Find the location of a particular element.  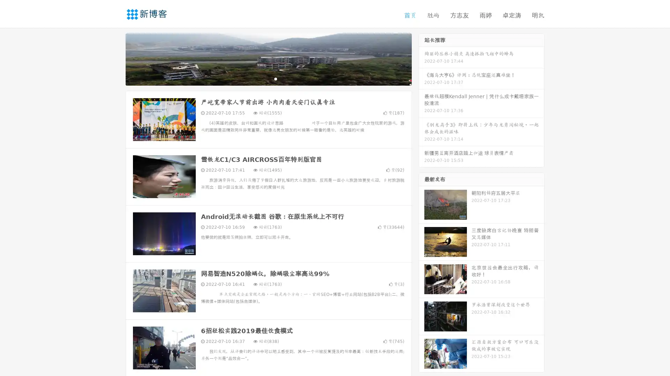

Next slide is located at coordinates (422, 58).